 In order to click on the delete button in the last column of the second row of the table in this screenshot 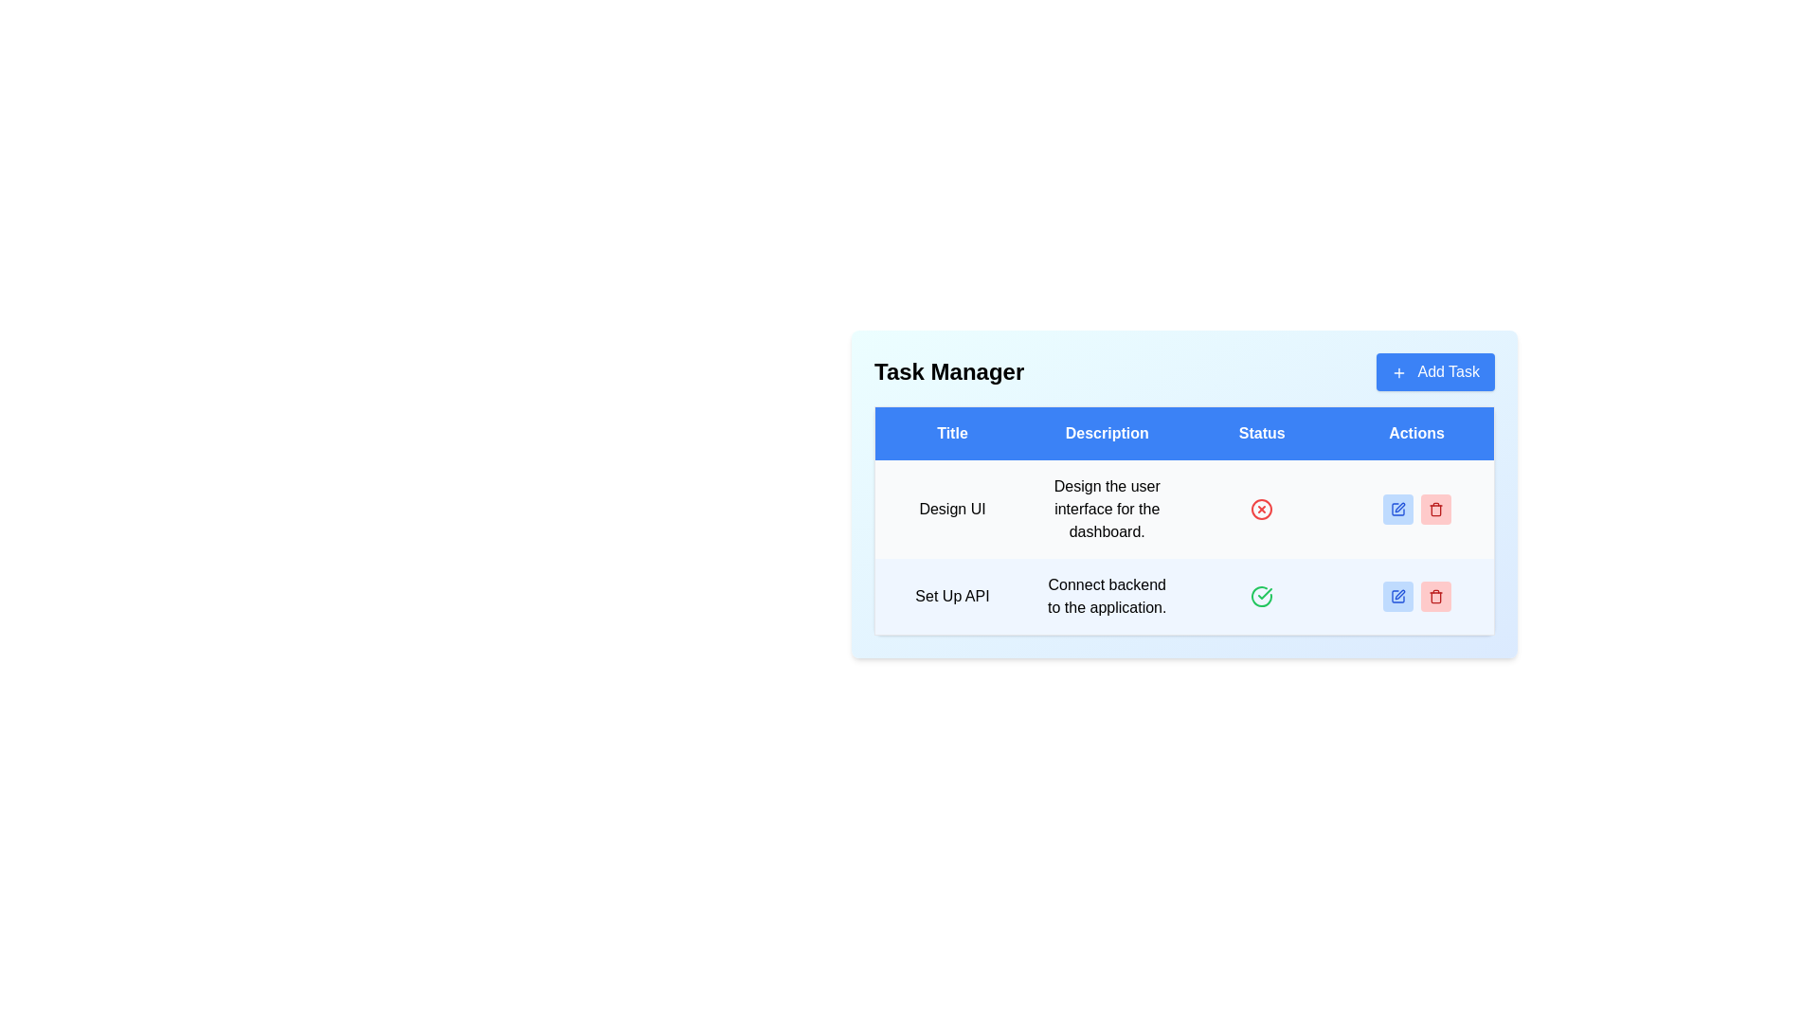, I will do `click(1435, 595)`.